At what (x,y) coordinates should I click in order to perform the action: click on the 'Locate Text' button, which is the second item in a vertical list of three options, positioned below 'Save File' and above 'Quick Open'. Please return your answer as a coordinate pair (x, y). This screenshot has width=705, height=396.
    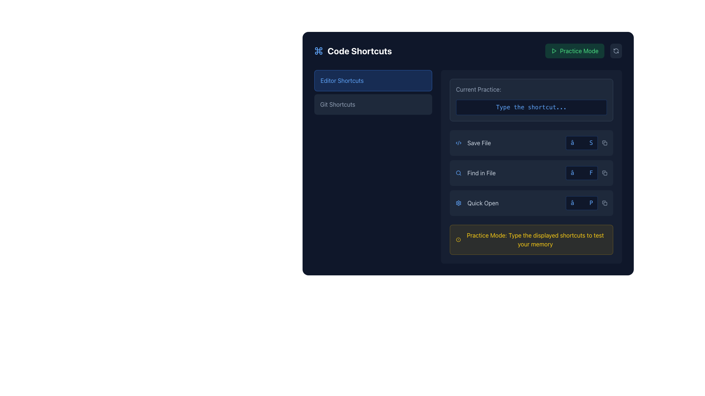
    Looking at the image, I should click on (476, 173).